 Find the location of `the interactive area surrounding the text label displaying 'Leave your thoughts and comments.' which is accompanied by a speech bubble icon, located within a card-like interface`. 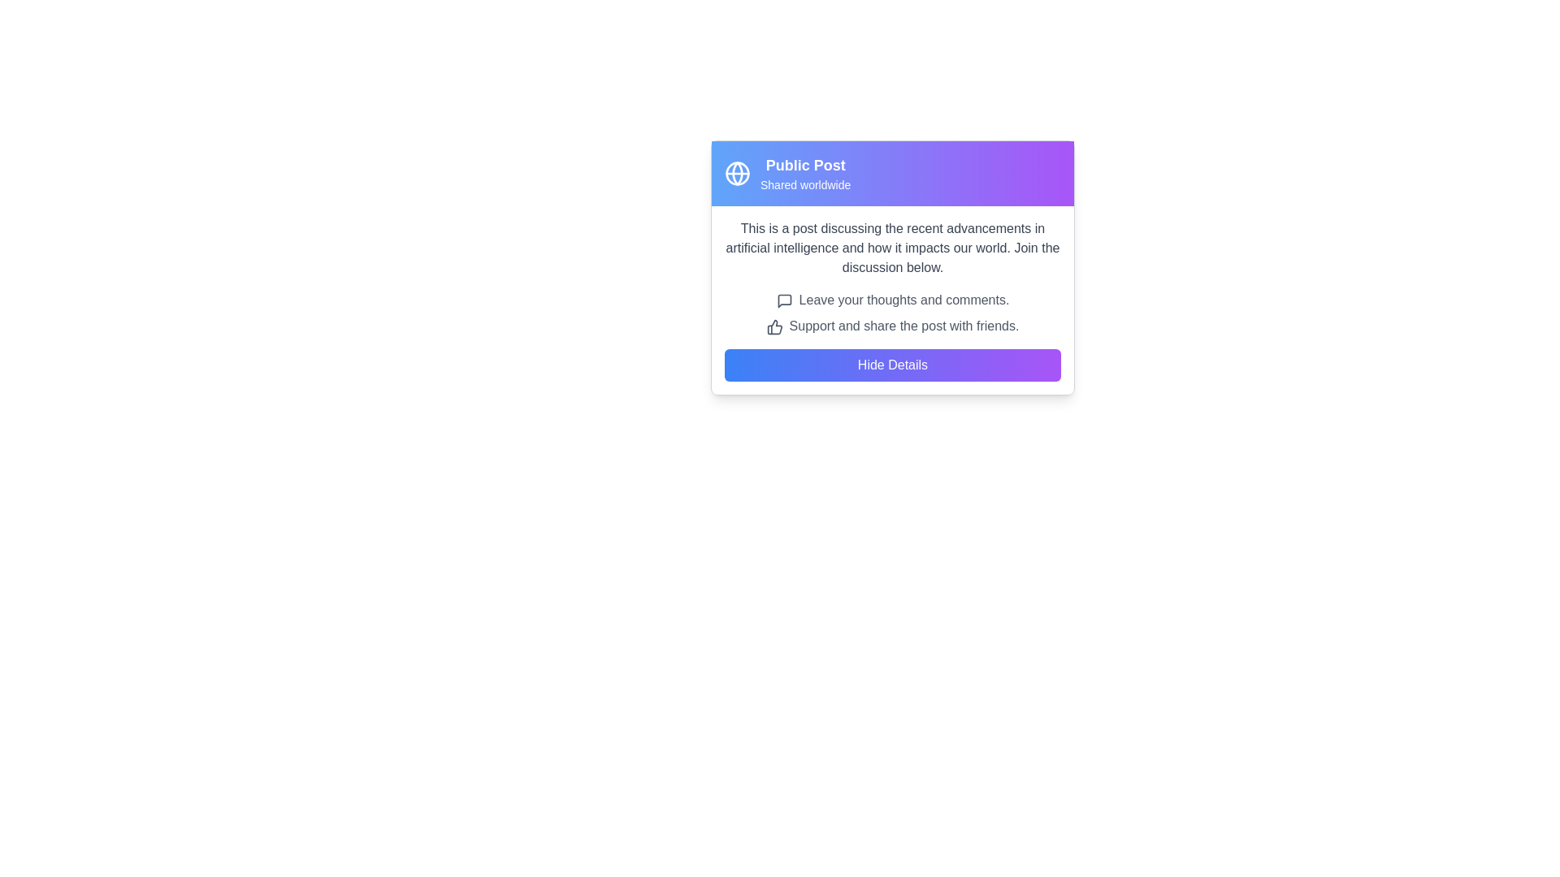

the interactive area surrounding the text label displaying 'Leave your thoughts and comments.' which is accompanied by a speech bubble icon, located within a card-like interface is located at coordinates (892, 300).